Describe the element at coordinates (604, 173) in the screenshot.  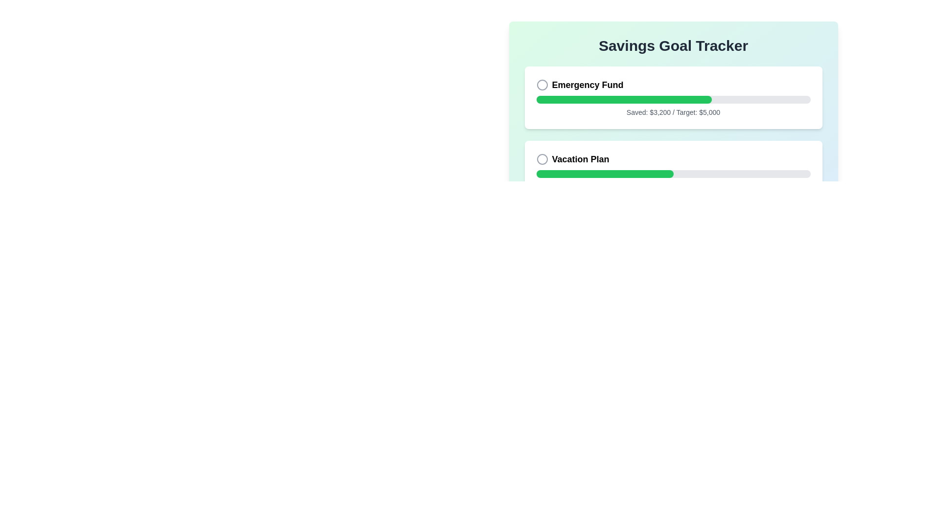
I see `the filled portion of the progress bar under the 'Vacation Plan' header, which visually indicates 50% progress achieved` at that location.